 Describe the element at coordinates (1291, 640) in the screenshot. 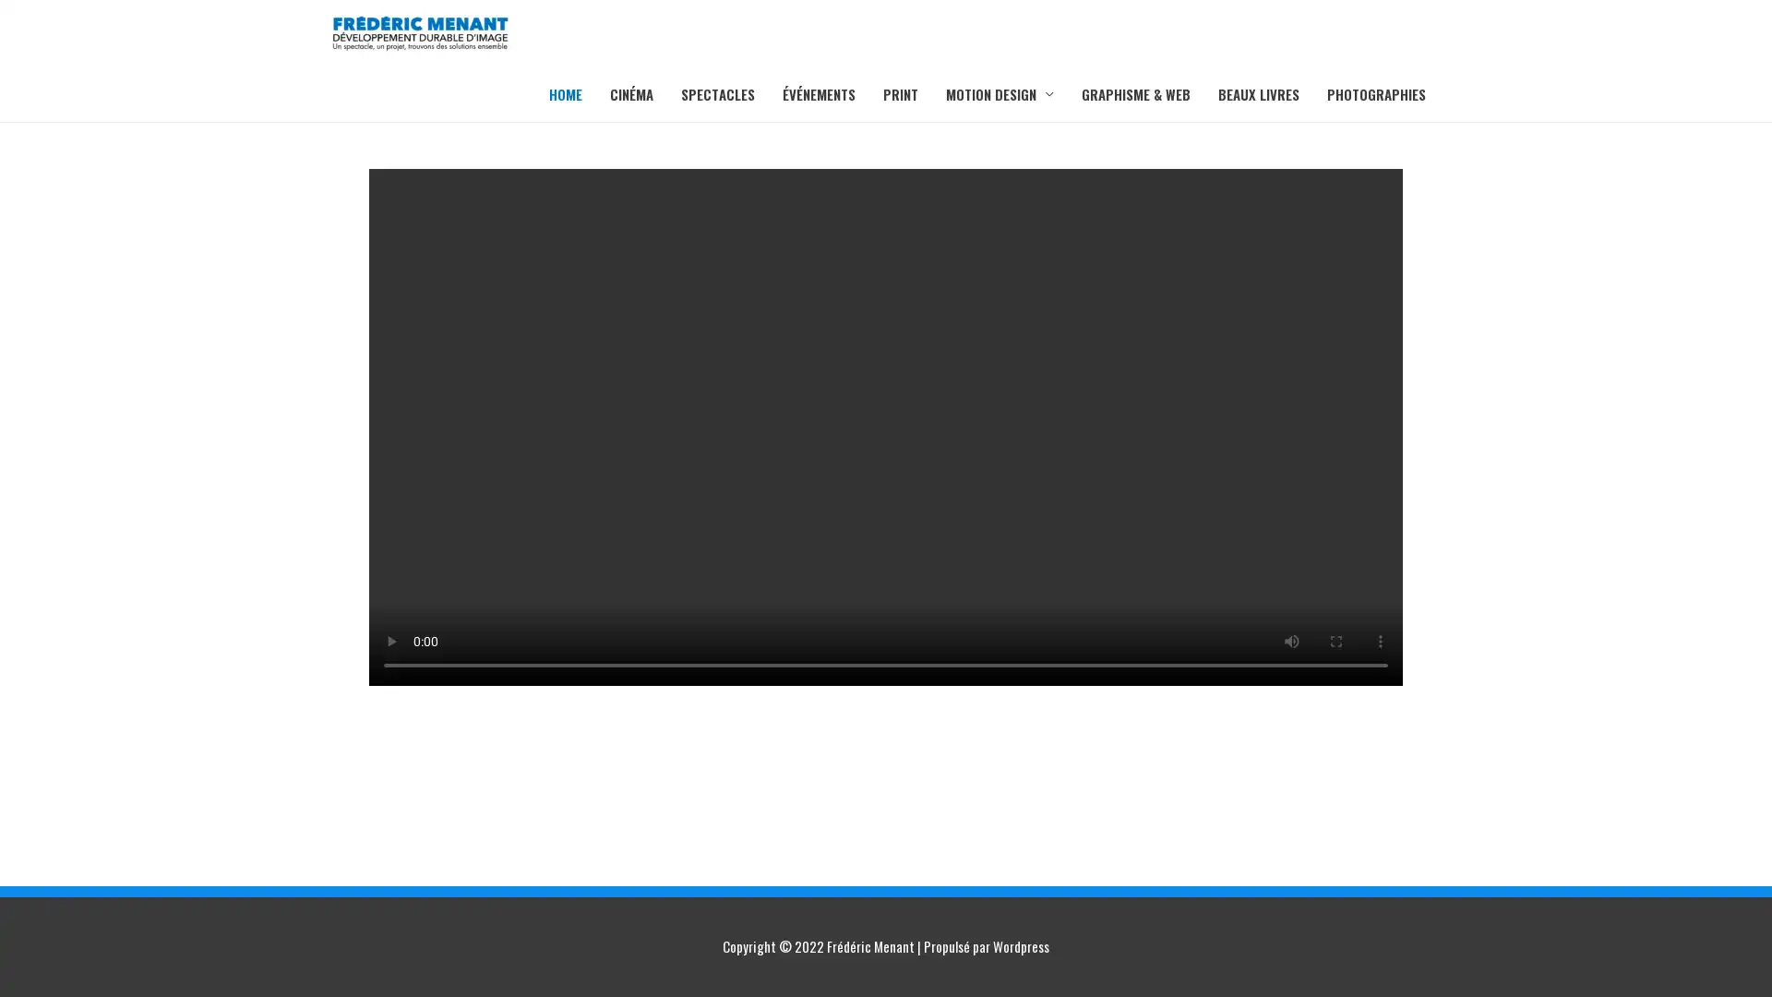

I see `mute` at that location.